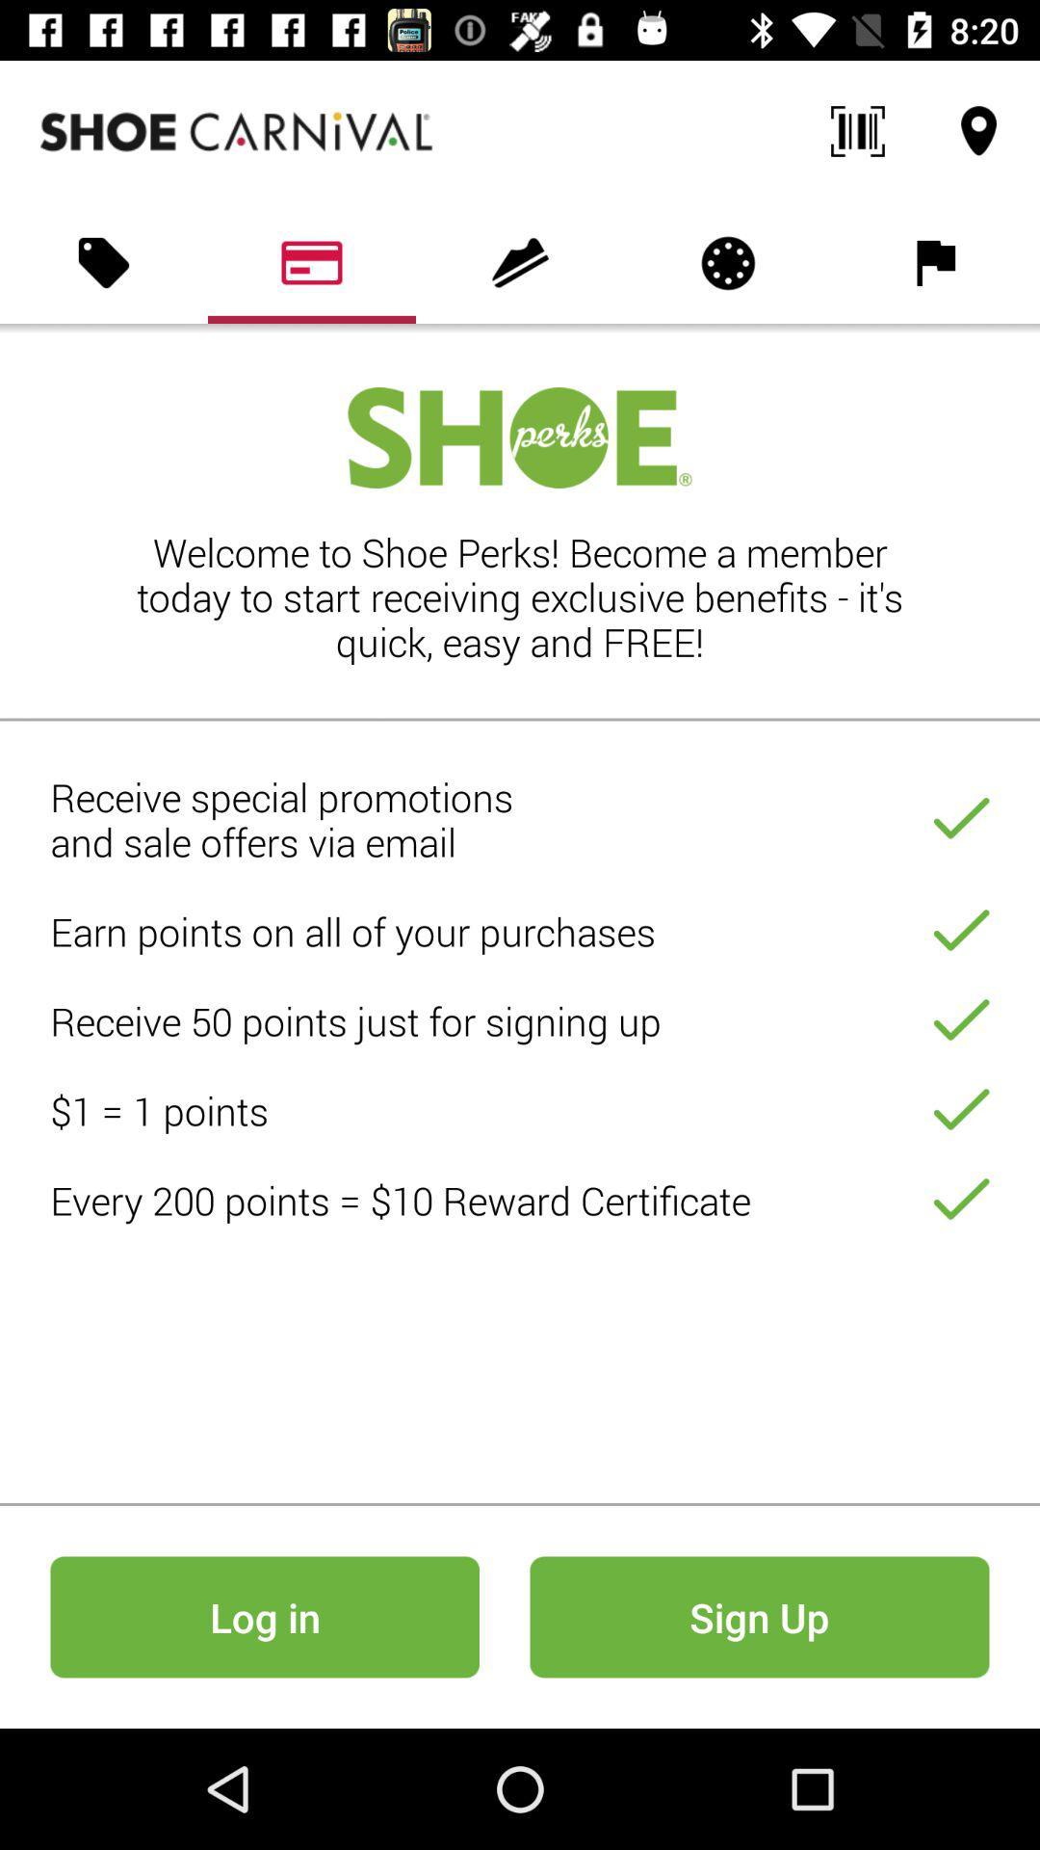  What do you see at coordinates (728, 262) in the screenshot?
I see `icon before flag icon below qr code icon` at bounding box center [728, 262].